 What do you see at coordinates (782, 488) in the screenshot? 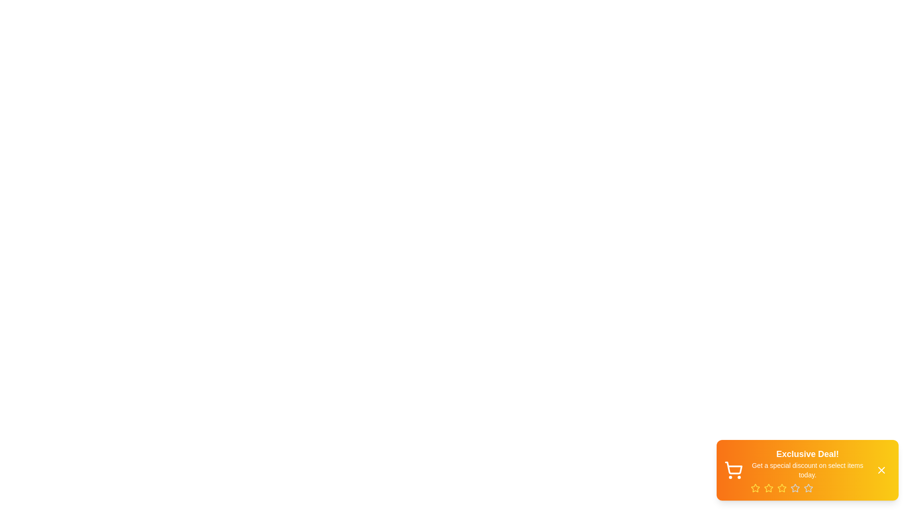
I see `the rating by clicking on the star corresponding to the desired rating value (3)` at bounding box center [782, 488].